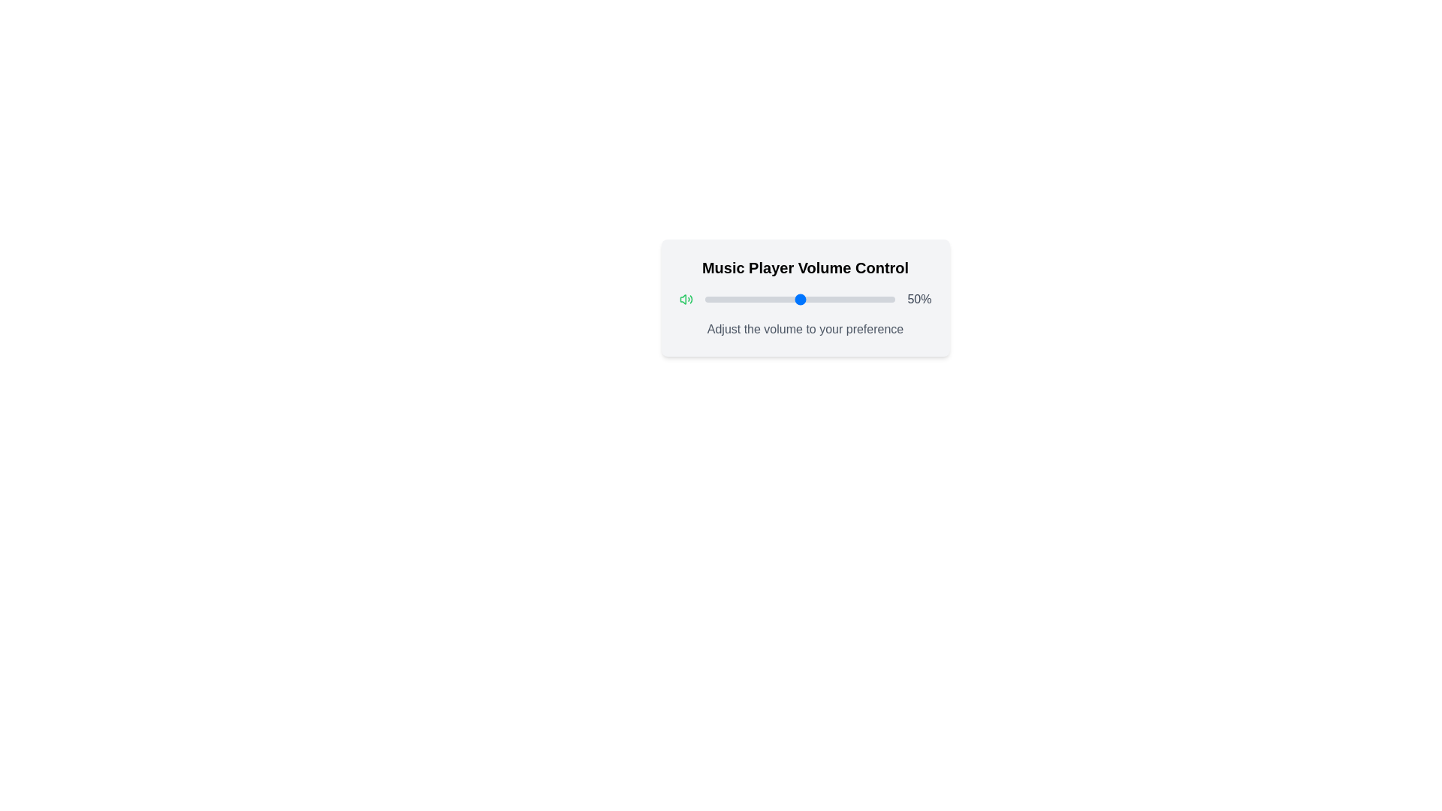  I want to click on the volume slider to 45%, so click(789, 299).